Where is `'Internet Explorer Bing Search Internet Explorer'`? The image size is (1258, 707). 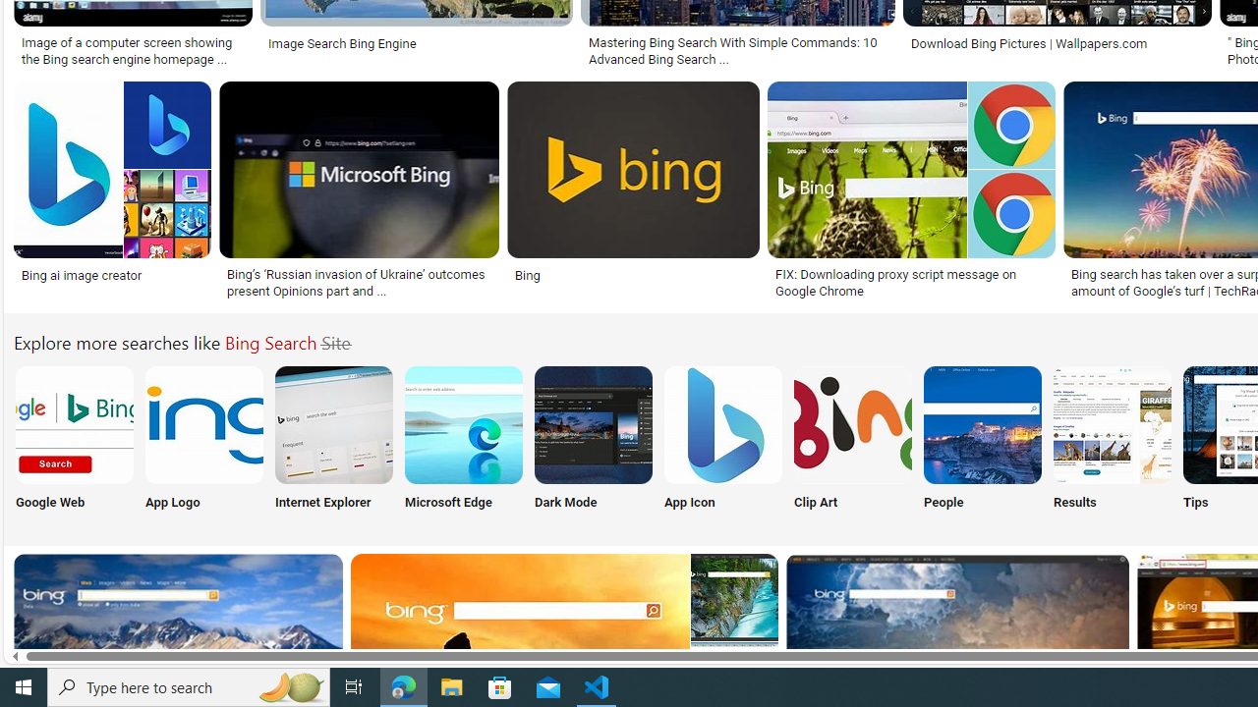 'Internet Explorer Bing Search Internet Explorer' is located at coordinates (333, 442).